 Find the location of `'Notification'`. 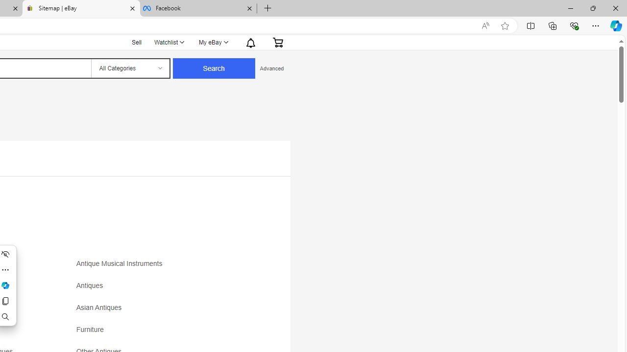

'Notification' is located at coordinates (251, 42).